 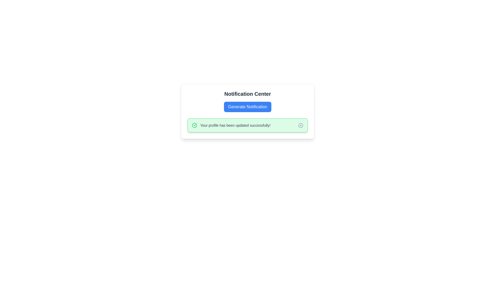 What do you see at coordinates (231, 125) in the screenshot?
I see `the success message text displayed in the green notification bar indicating an update to the user's profile` at bounding box center [231, 125].